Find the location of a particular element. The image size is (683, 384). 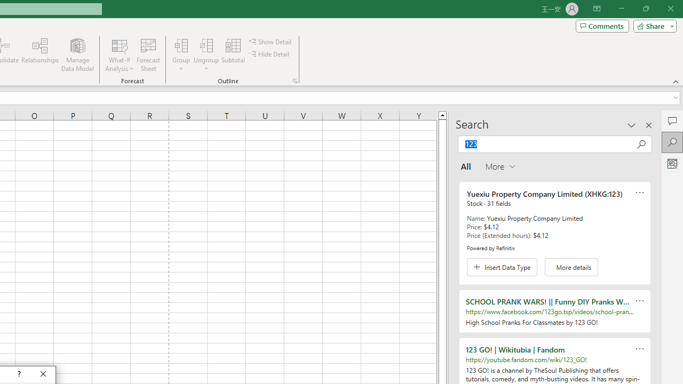

'Manage Data Model' is located at coordinates (77, 55).